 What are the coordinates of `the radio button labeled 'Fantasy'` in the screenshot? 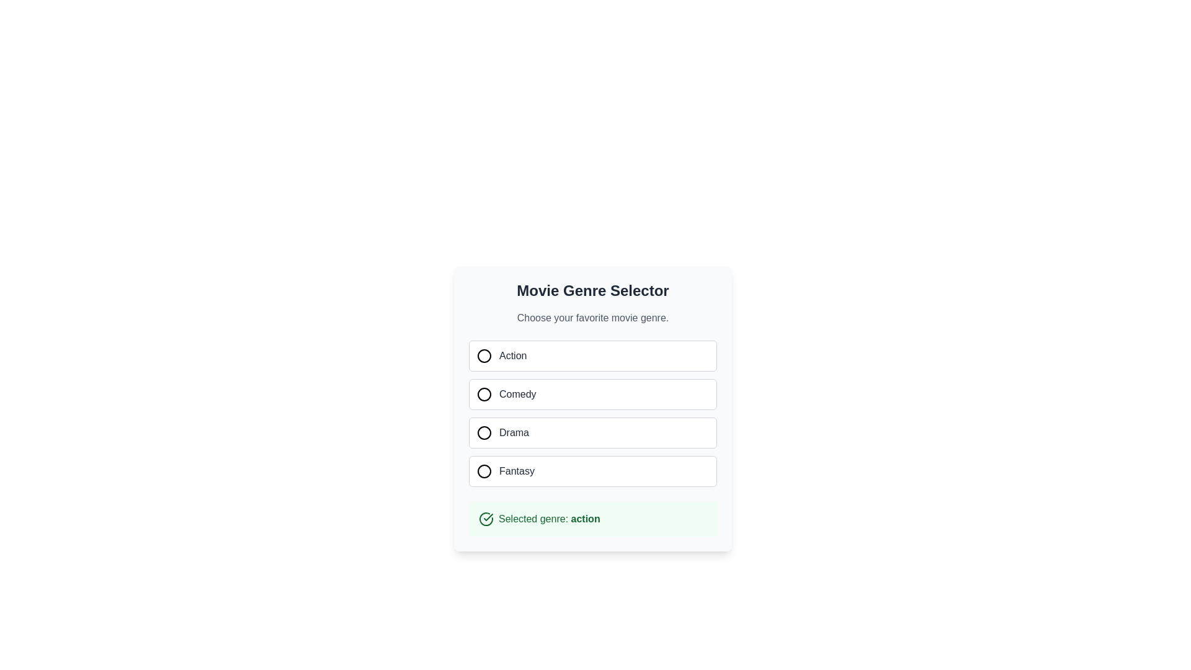 It's located at (592, 471).